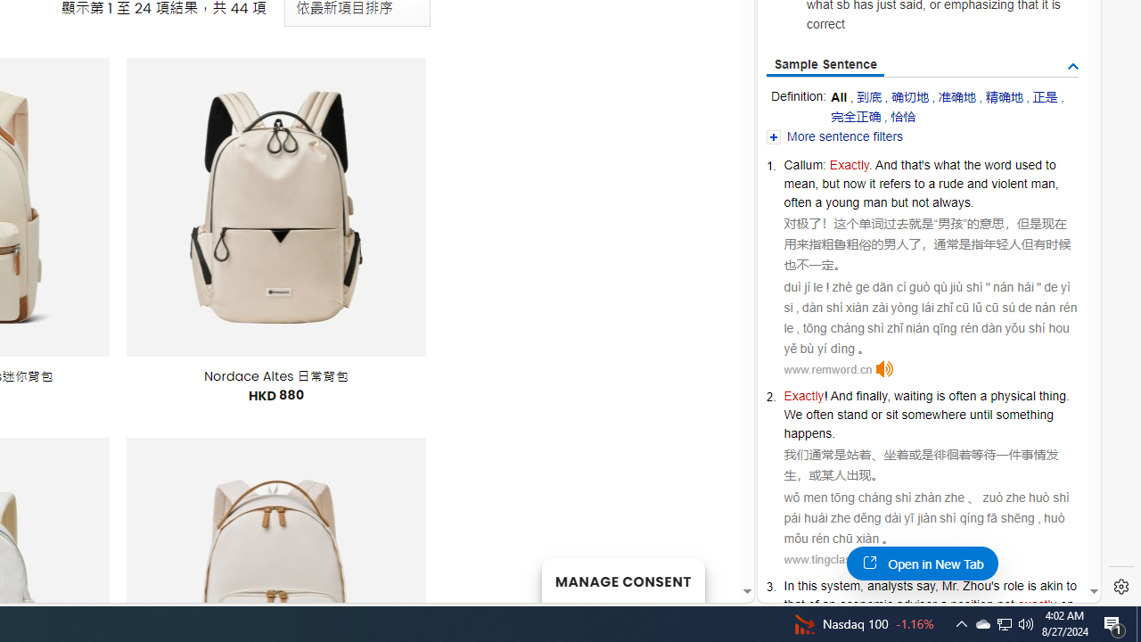 The image size is (1141, 642). I want to click on 'analysts', so click(890, 586).